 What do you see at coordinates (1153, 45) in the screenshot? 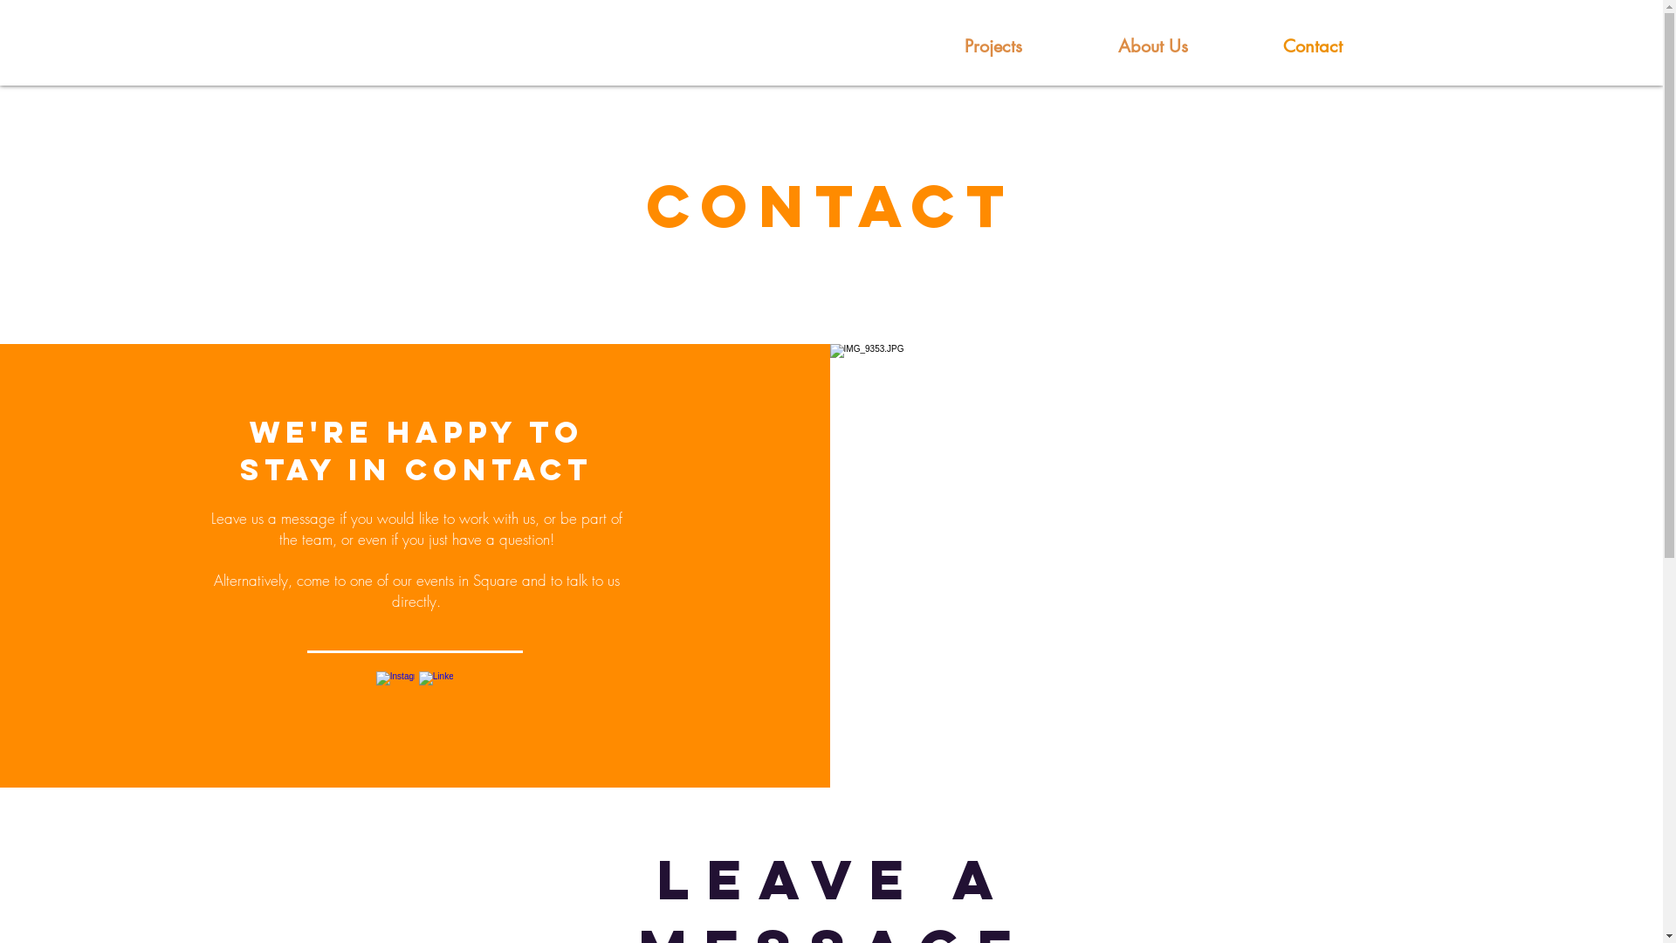
I see `'About Us'` at bounding box center [1153, 45].